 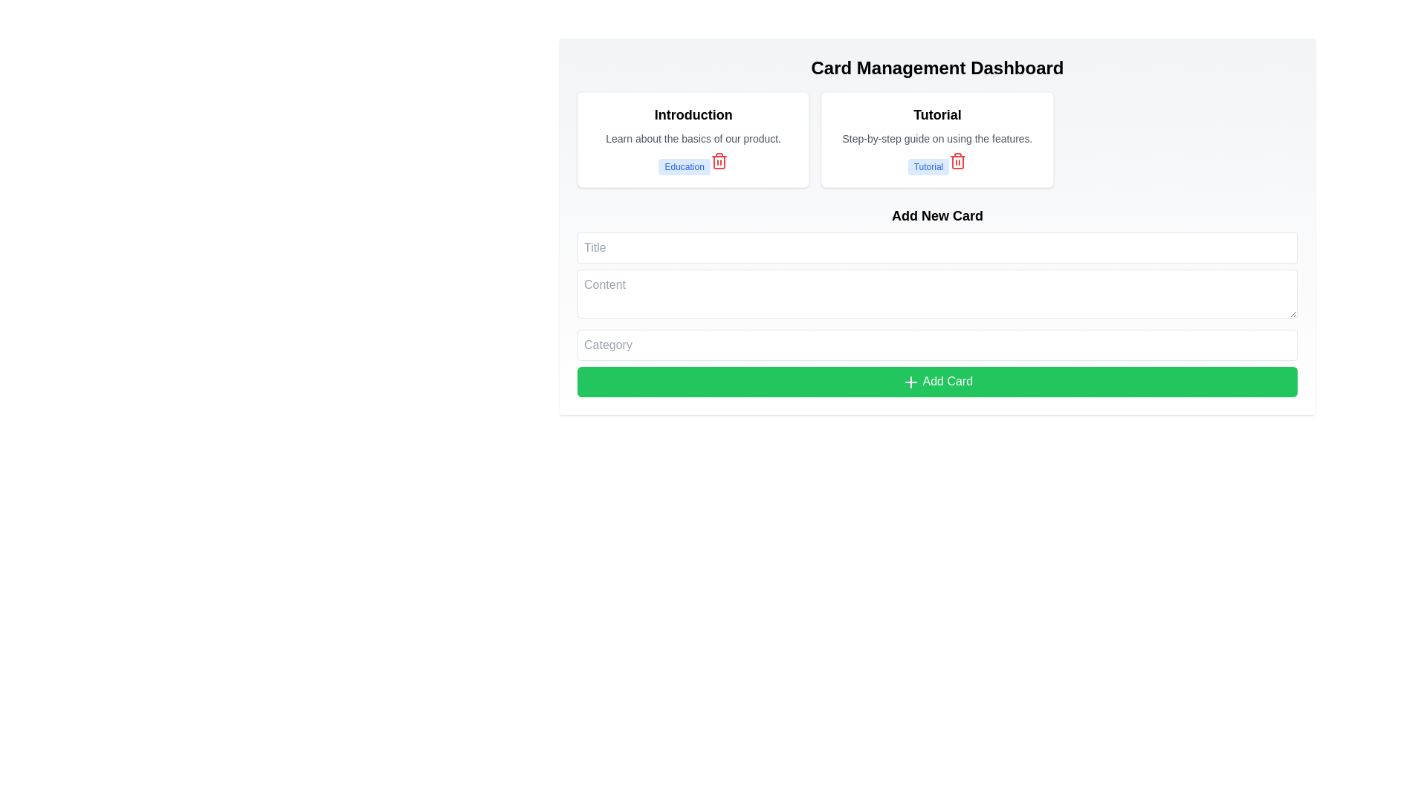 I want to click on the 'Tutorial' informational card, which is the second card in the grid layout, so click(x=936, y=140).